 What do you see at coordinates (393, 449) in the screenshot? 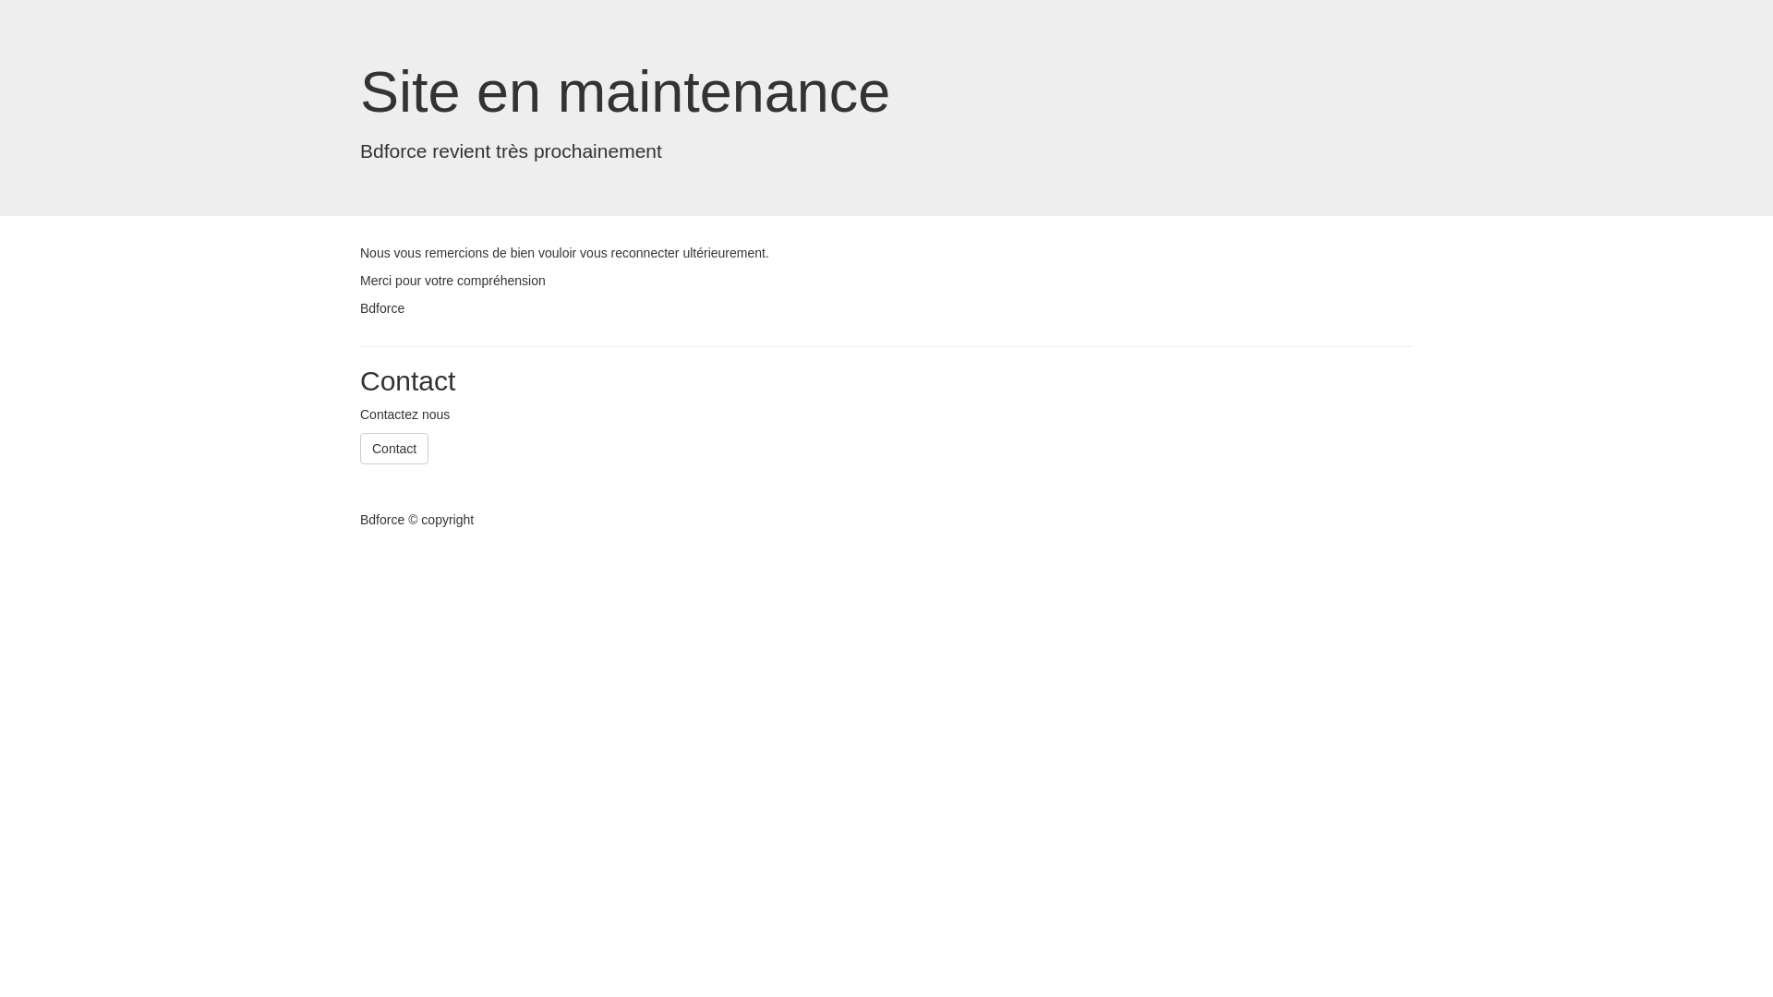
I see `'Contact'` at bounding box center [393, 449].